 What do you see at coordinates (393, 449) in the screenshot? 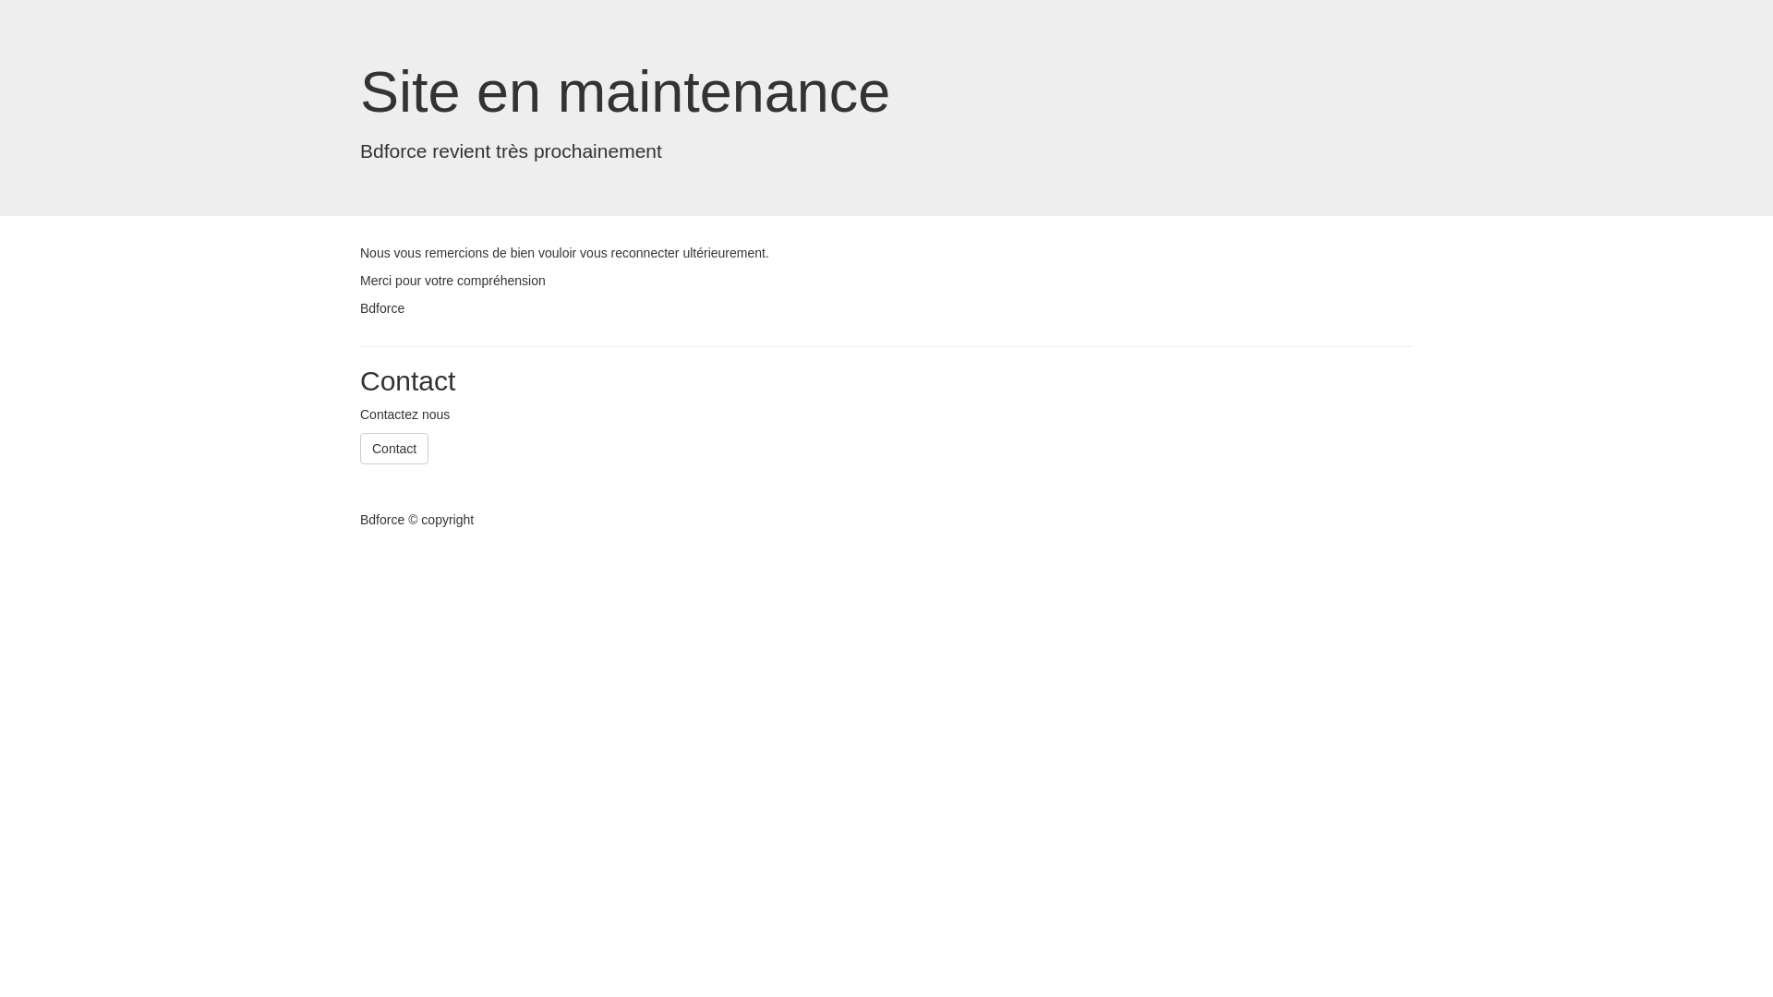
I see `'Contact'` at bounding box center [393, 449].